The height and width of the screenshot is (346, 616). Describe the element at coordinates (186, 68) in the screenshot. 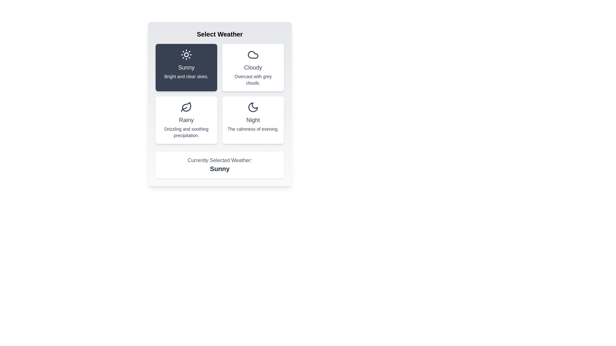

I see `the weather button Sunny to observe its hover effect` at that location.